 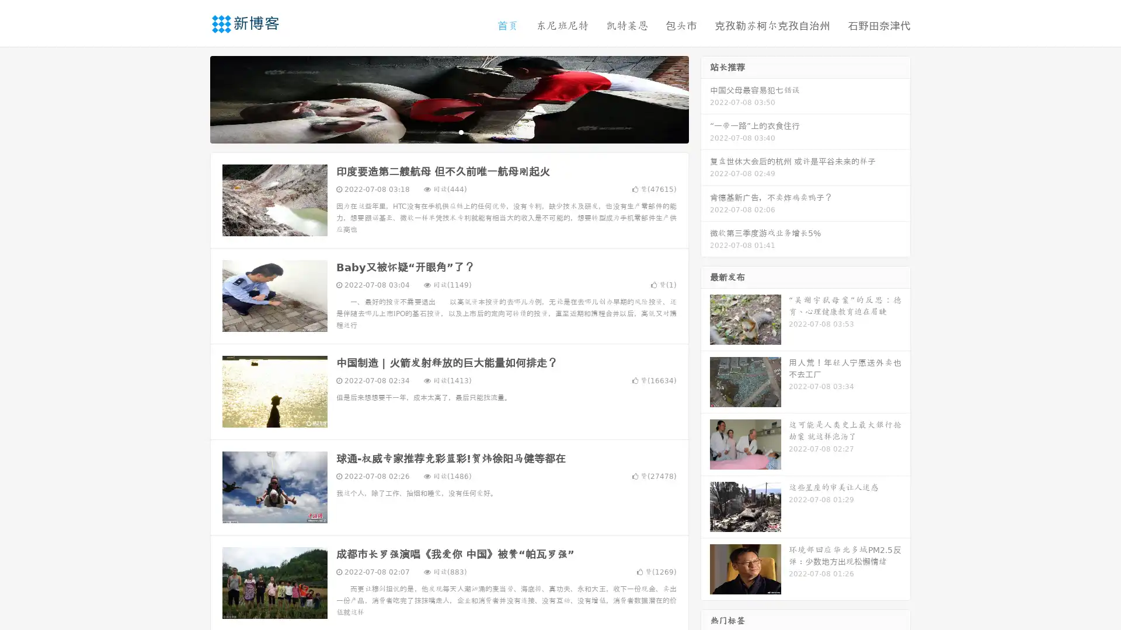 What do you see at coordinates (461, 131) in the screenshot?
I see `Go to slide 3` at bounding box center [461, 131].